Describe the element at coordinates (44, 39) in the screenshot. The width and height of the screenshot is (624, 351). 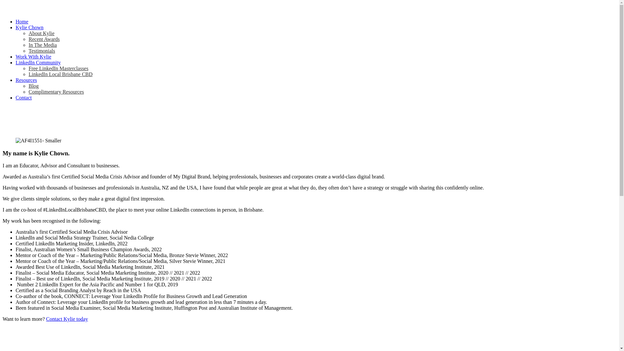
I see `'Recent Awards'` at that location.